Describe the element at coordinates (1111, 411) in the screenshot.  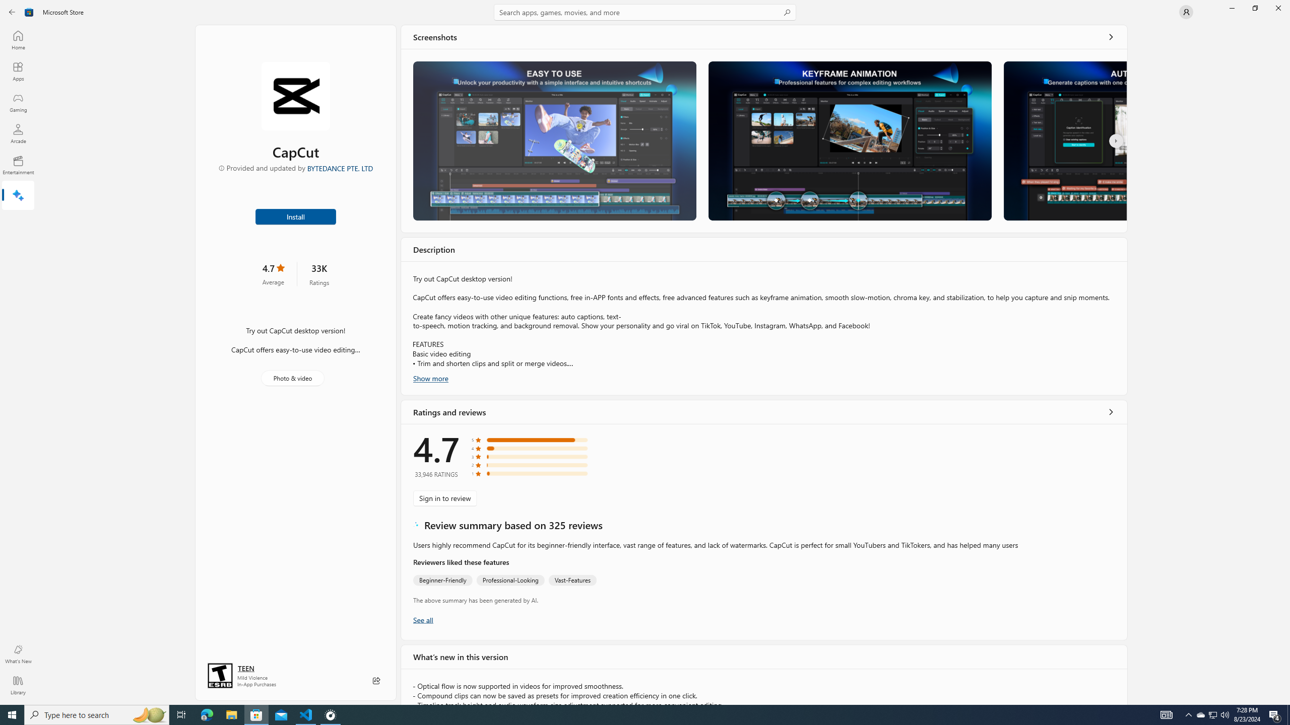
I see `'Show all ratings and reviews'` at that location.